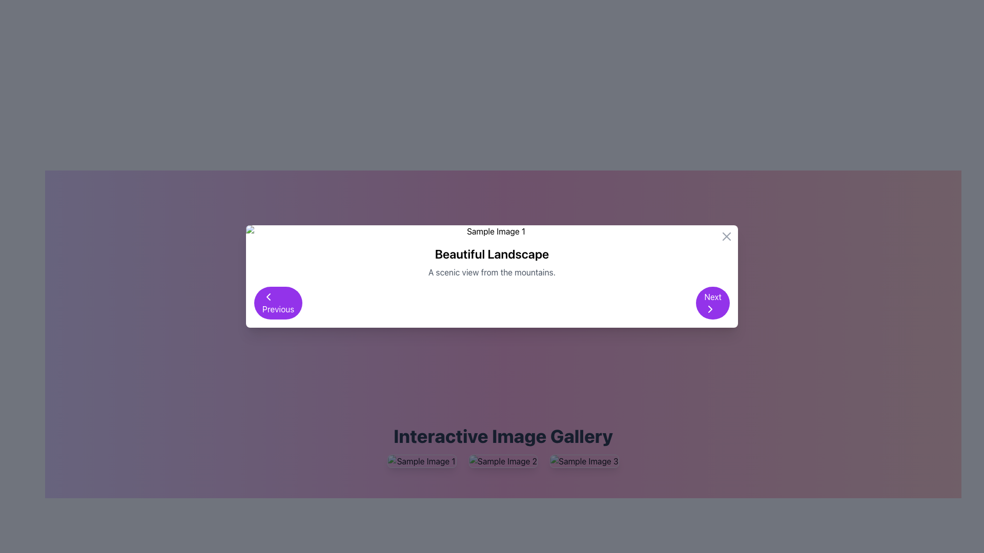  What do you see at coordinates (422, 461) in the screenshot?
I see `the first interactive card in the gallery to scale up the image` at bounding box center [422, 461].